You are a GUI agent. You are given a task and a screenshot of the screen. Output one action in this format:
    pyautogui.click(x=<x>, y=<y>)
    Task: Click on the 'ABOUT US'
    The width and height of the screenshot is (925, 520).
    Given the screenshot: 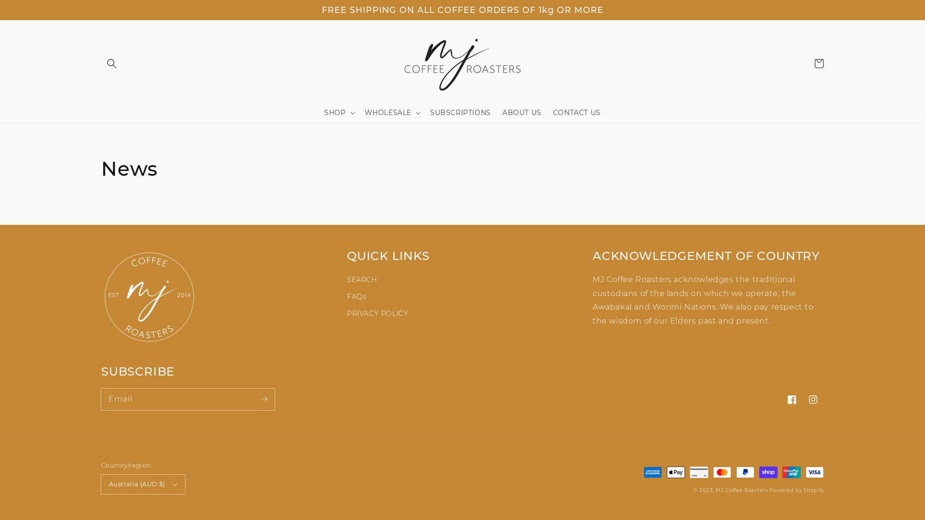 What is the action you would take?
    pyautogui.click(x=521, y=112)
    